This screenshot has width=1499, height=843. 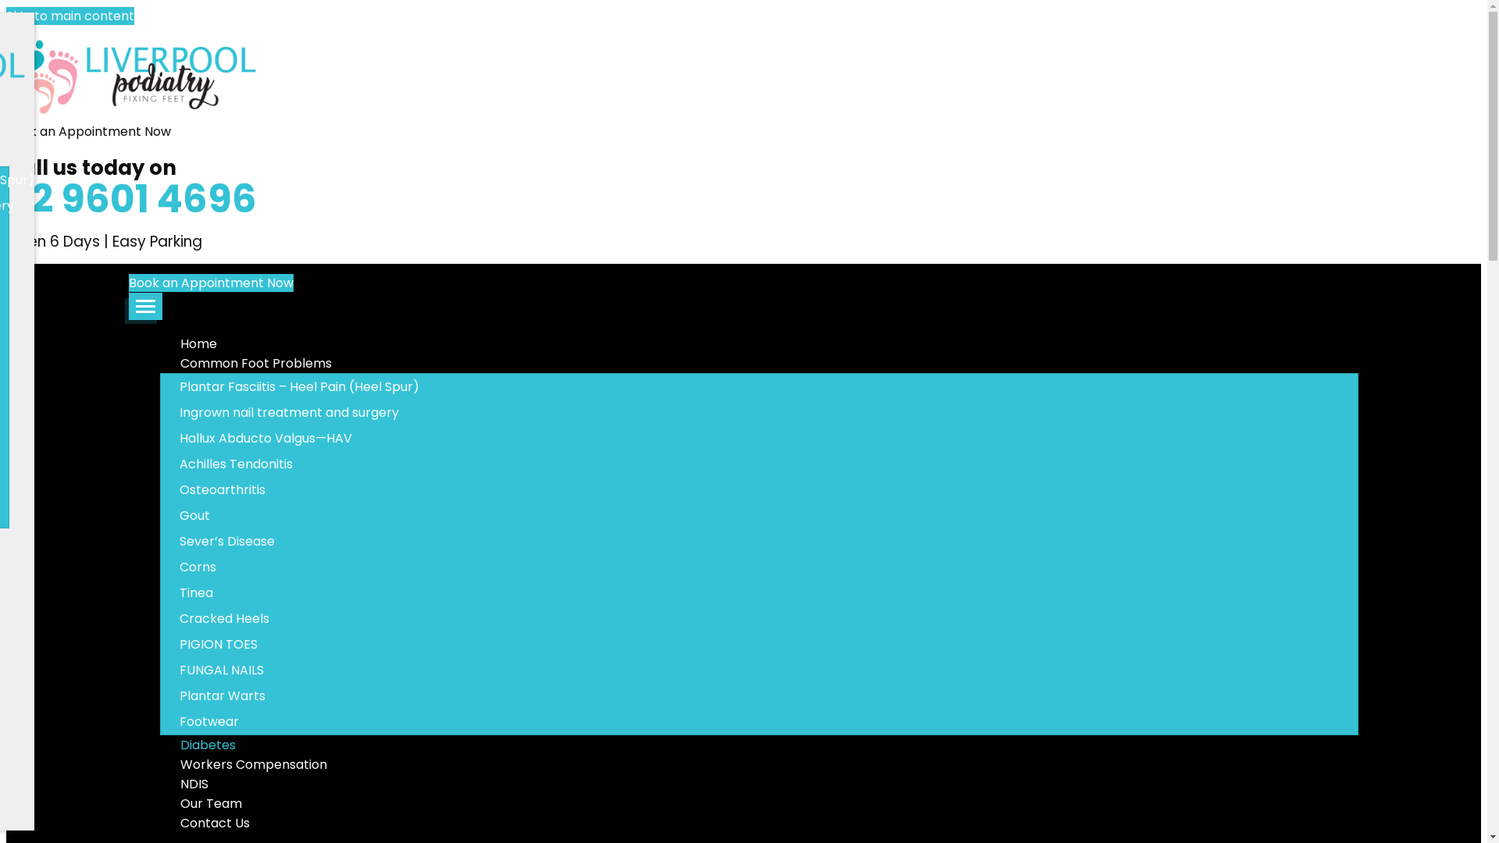 What do you see at coordinates (160, 803) in the screenshot?
I see `'Our Team'` at bounding box center [160, 803].